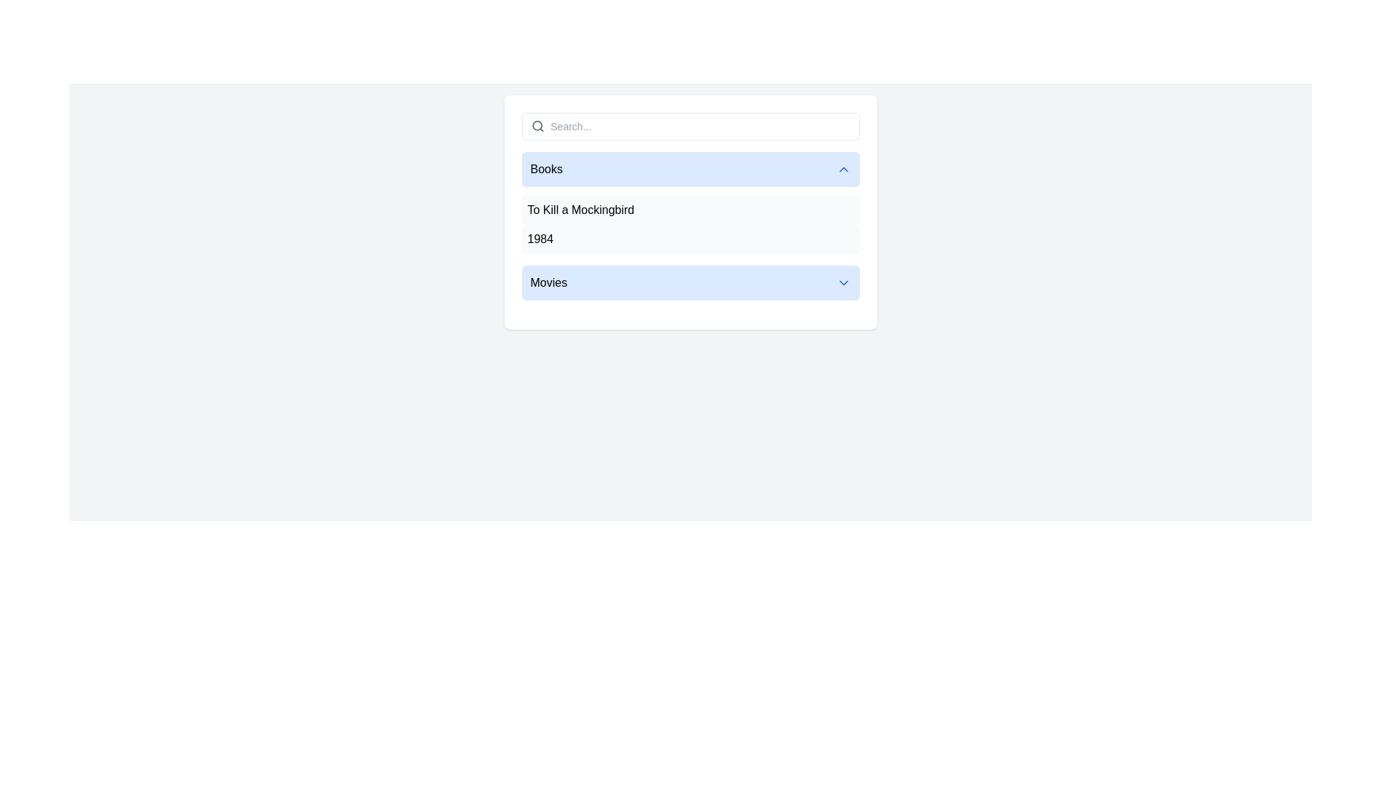  I want to click on the text label displaying 'Books' within a light blue background, located towards the upper part of the interface, to the left of an upward-pointing chevron icon, so click(545, 168).